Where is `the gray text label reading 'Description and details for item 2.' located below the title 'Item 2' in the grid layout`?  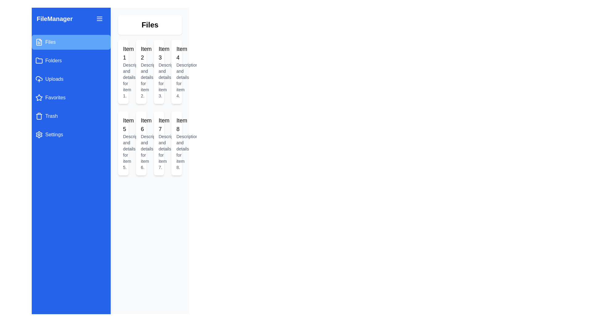
the gray text label reading 'Description and details for item 2.' located below the title 'Item 2' in the grid layout is located at coordinates (141, 80).